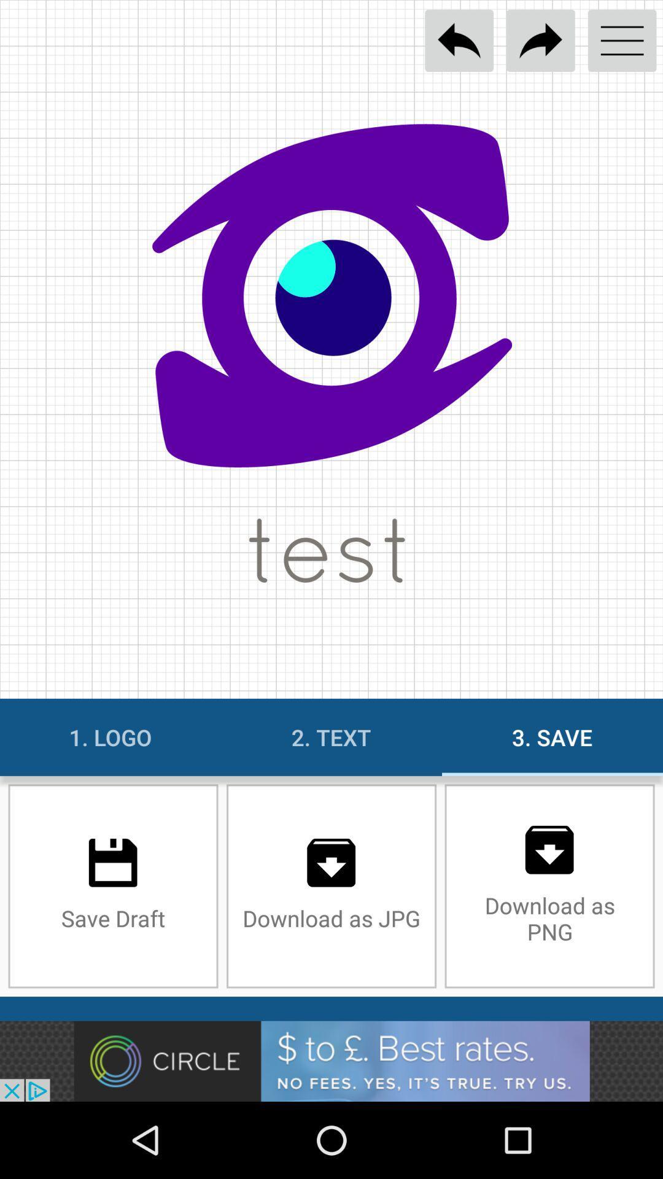  Describe the element at coordinates (331, 1060) in the screenshot. I see `the advertisement` at that location.